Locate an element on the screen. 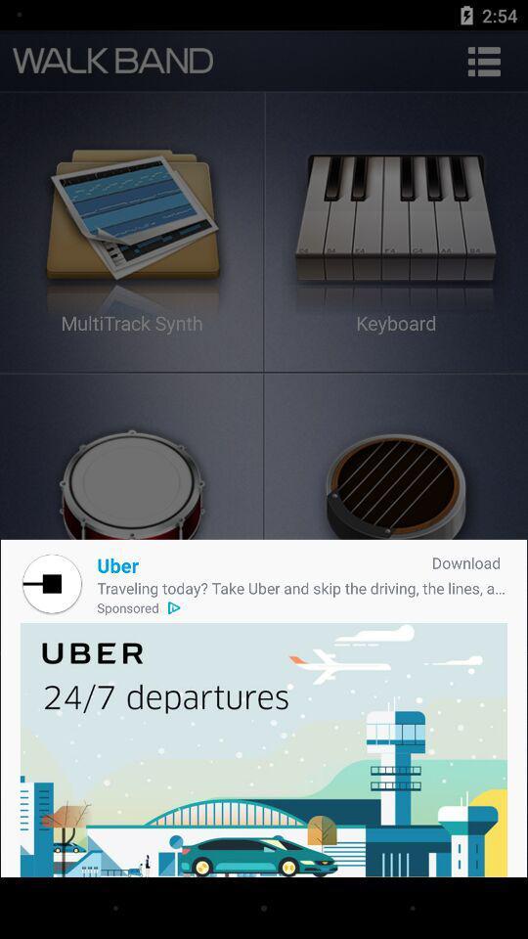  the list icon is located at coordinates (483, 61).